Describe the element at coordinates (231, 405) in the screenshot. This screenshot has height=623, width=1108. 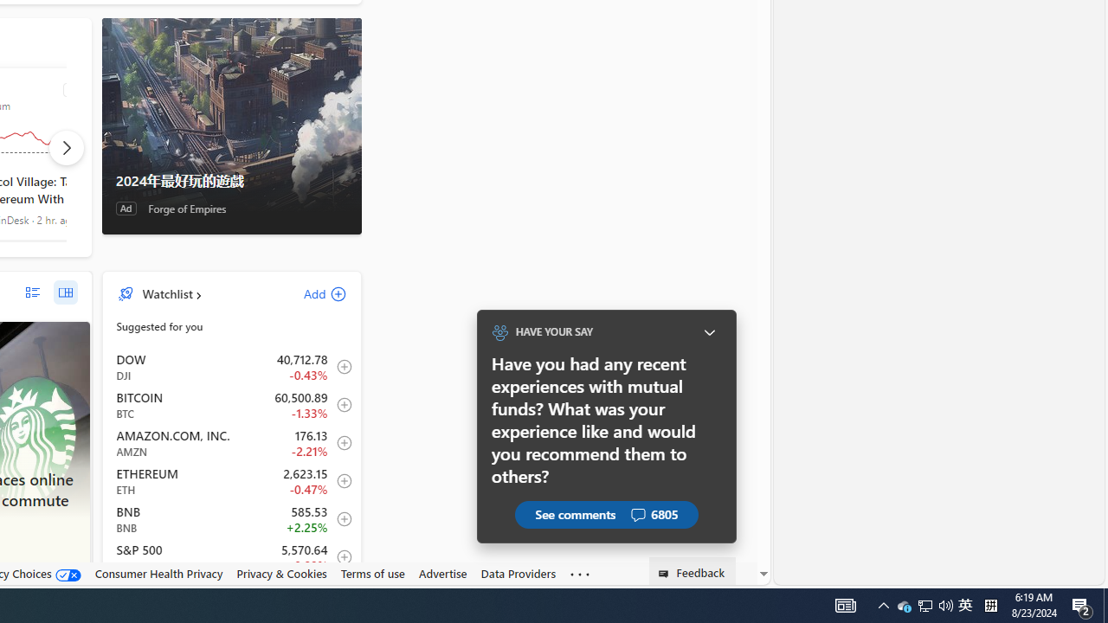
I see `'BTC Bitcoin decrease 60,500.89 -806.48 -1.33% item1'` at that location.